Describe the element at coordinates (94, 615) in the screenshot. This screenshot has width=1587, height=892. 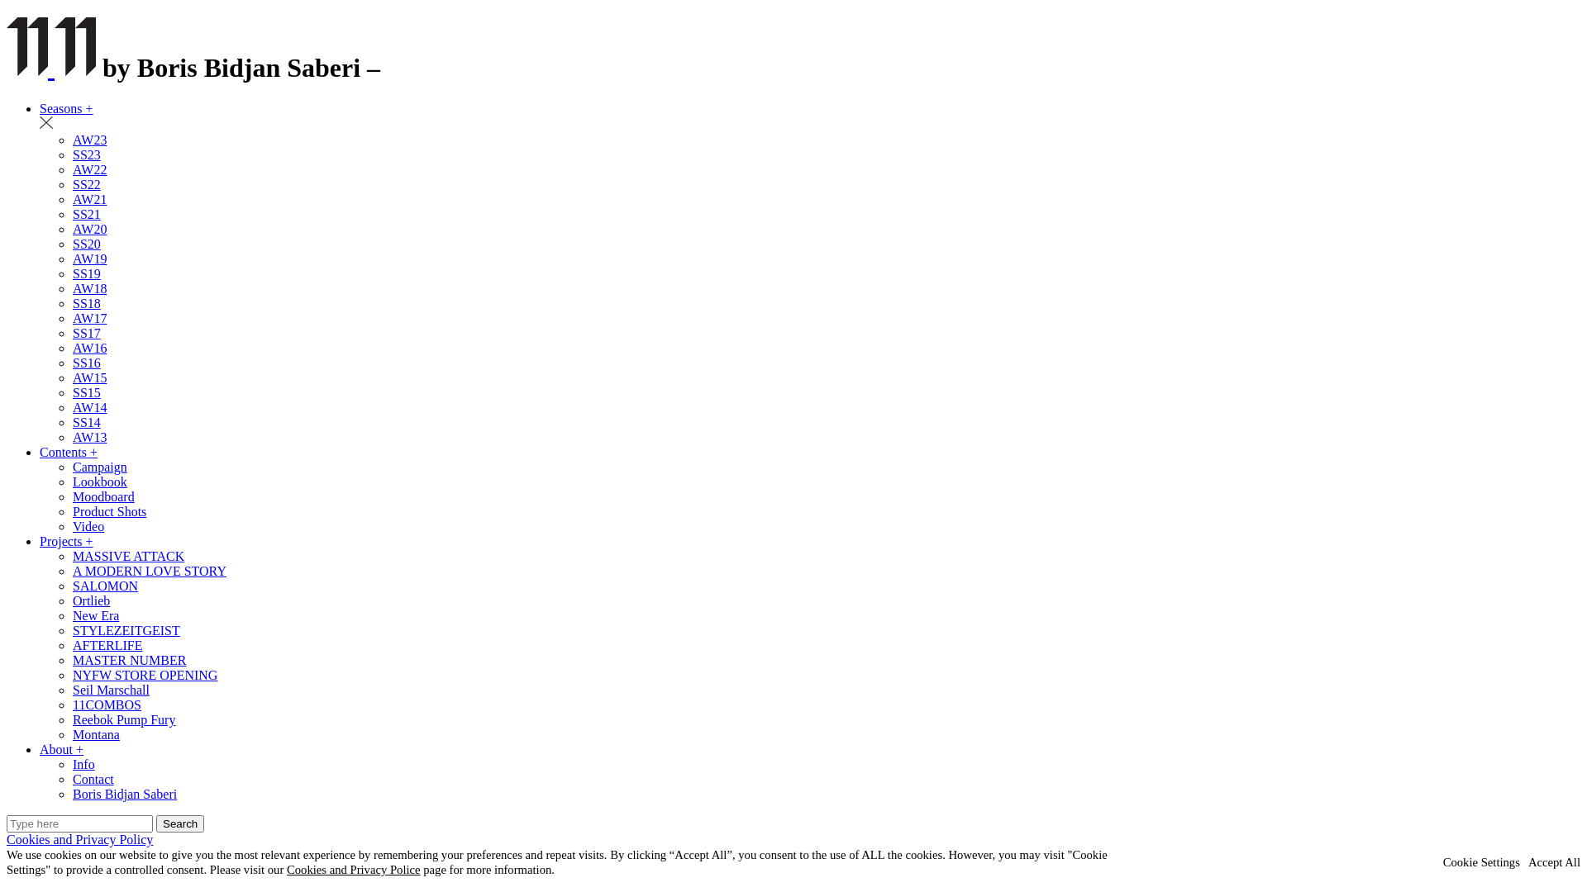
I see `'New Era'` at that location.